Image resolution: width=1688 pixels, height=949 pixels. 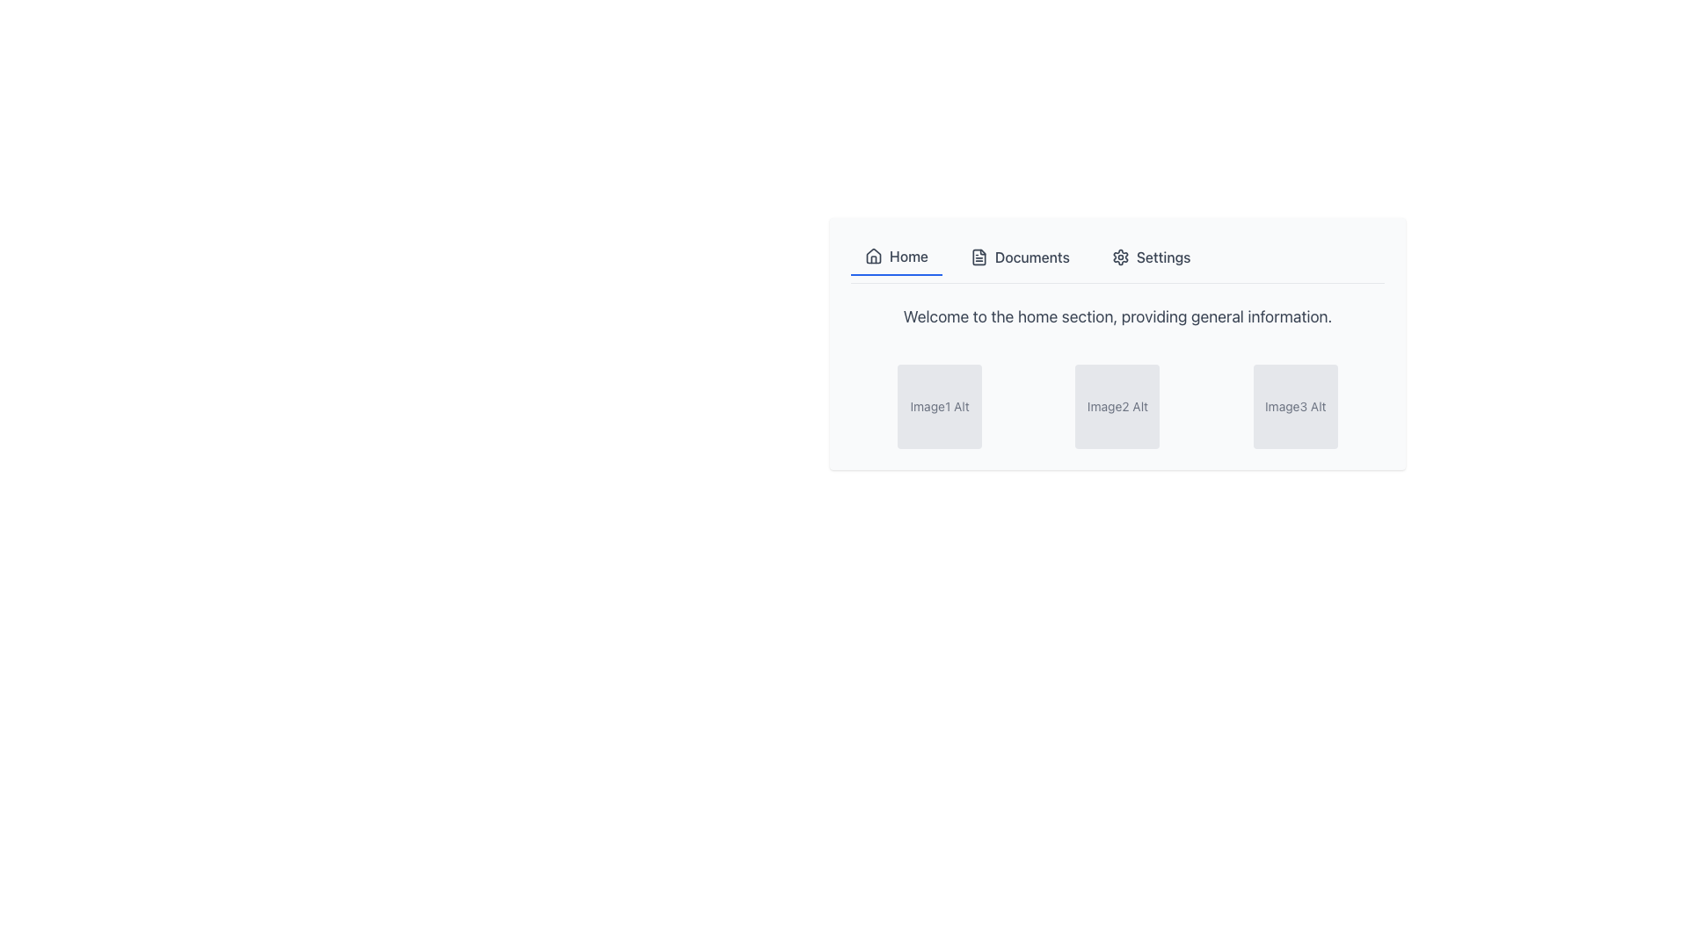 I want to click on the 'Documents' icon in the navigation bar, which is a document icon with a folded corner, situated between the 'Home' and 'Settings' tabs, so click(x=978, y=257).